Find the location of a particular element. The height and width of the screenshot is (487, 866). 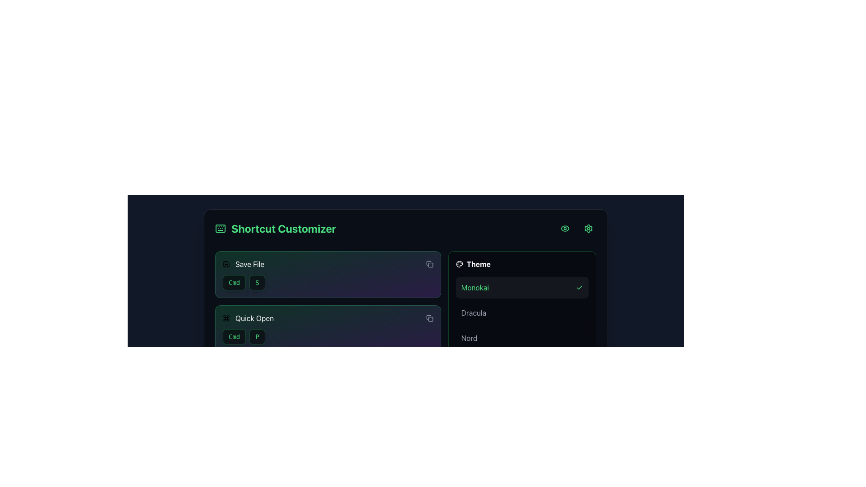

the 'Nord' theme option in the Theme section is located at coordinates (469, 338).